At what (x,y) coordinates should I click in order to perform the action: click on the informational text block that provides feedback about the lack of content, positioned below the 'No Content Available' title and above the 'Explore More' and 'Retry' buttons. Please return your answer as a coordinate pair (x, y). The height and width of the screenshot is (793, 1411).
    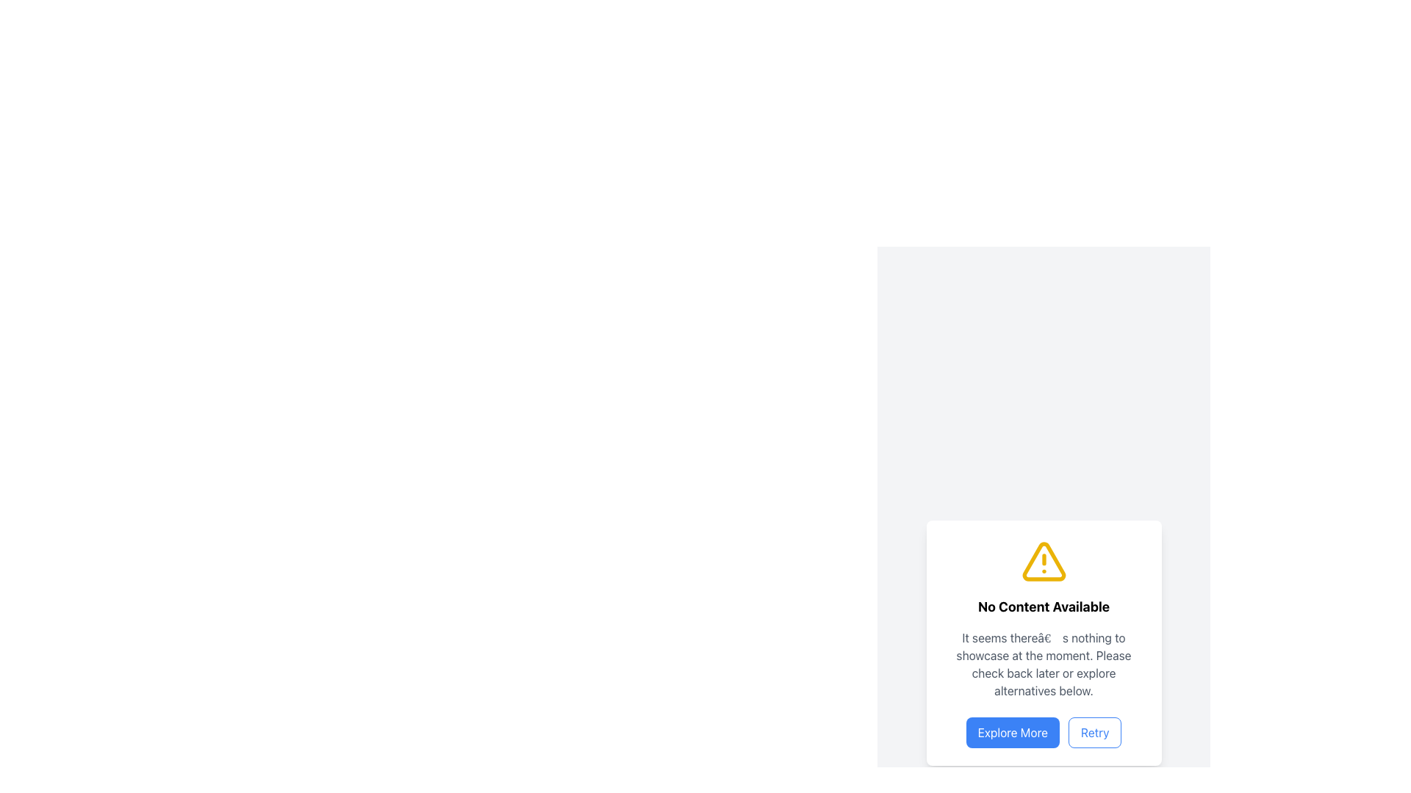
    Looking at the image, I should click on (1043, 665).